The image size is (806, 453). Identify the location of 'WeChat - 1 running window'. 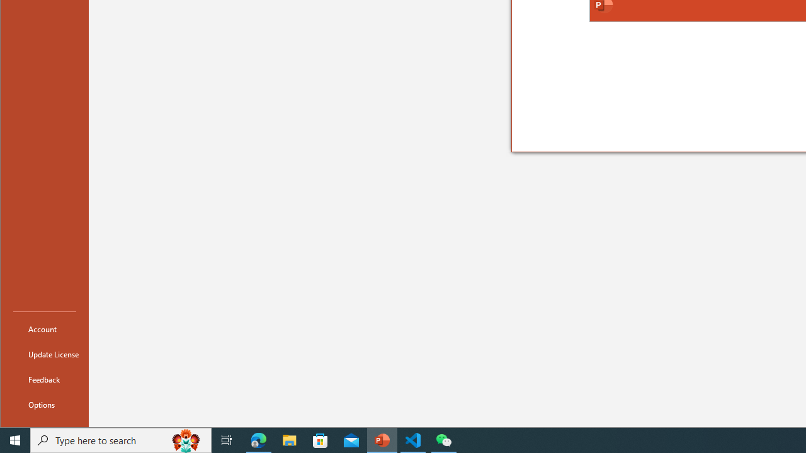
(444, 439).